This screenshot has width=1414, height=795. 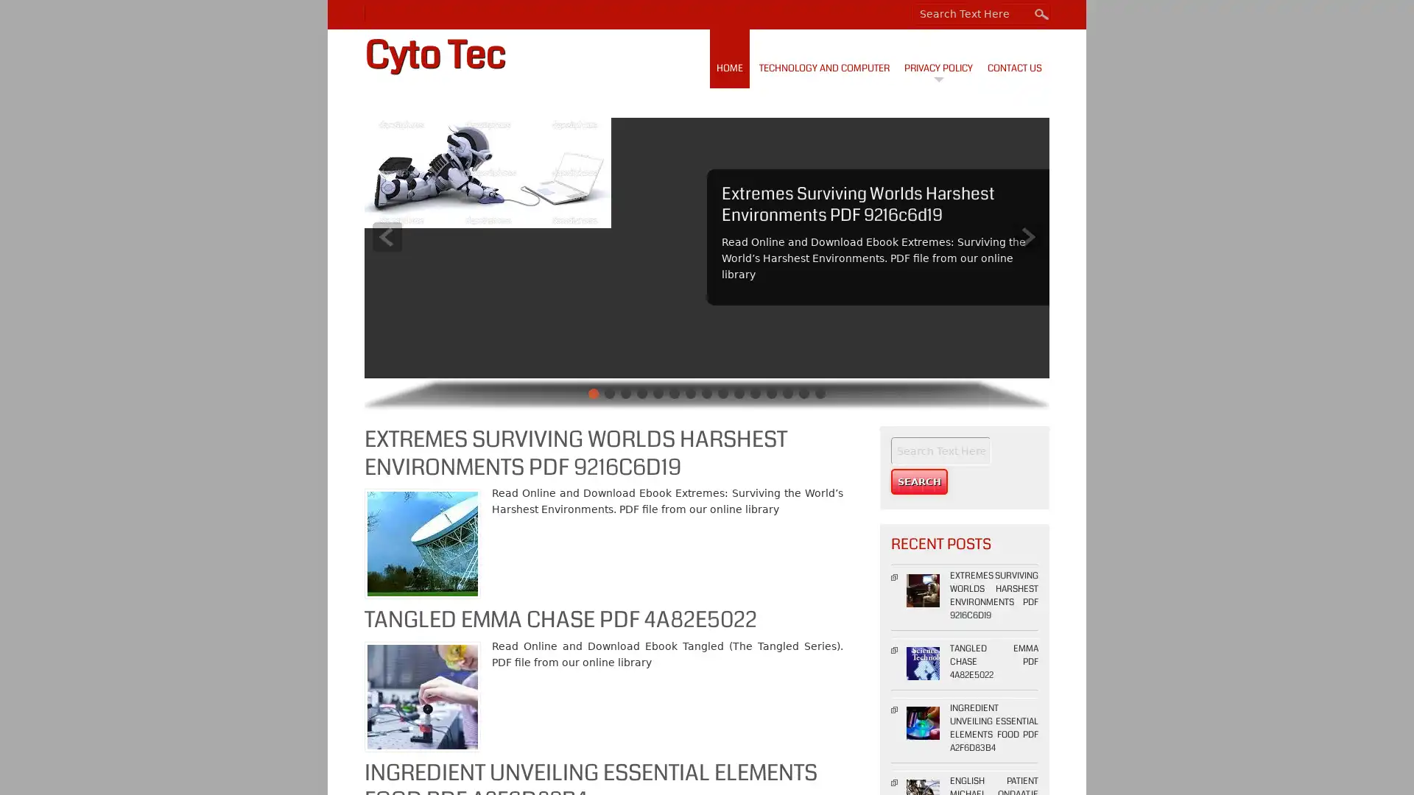 I want to click on Search, so click(x=918, y=481).